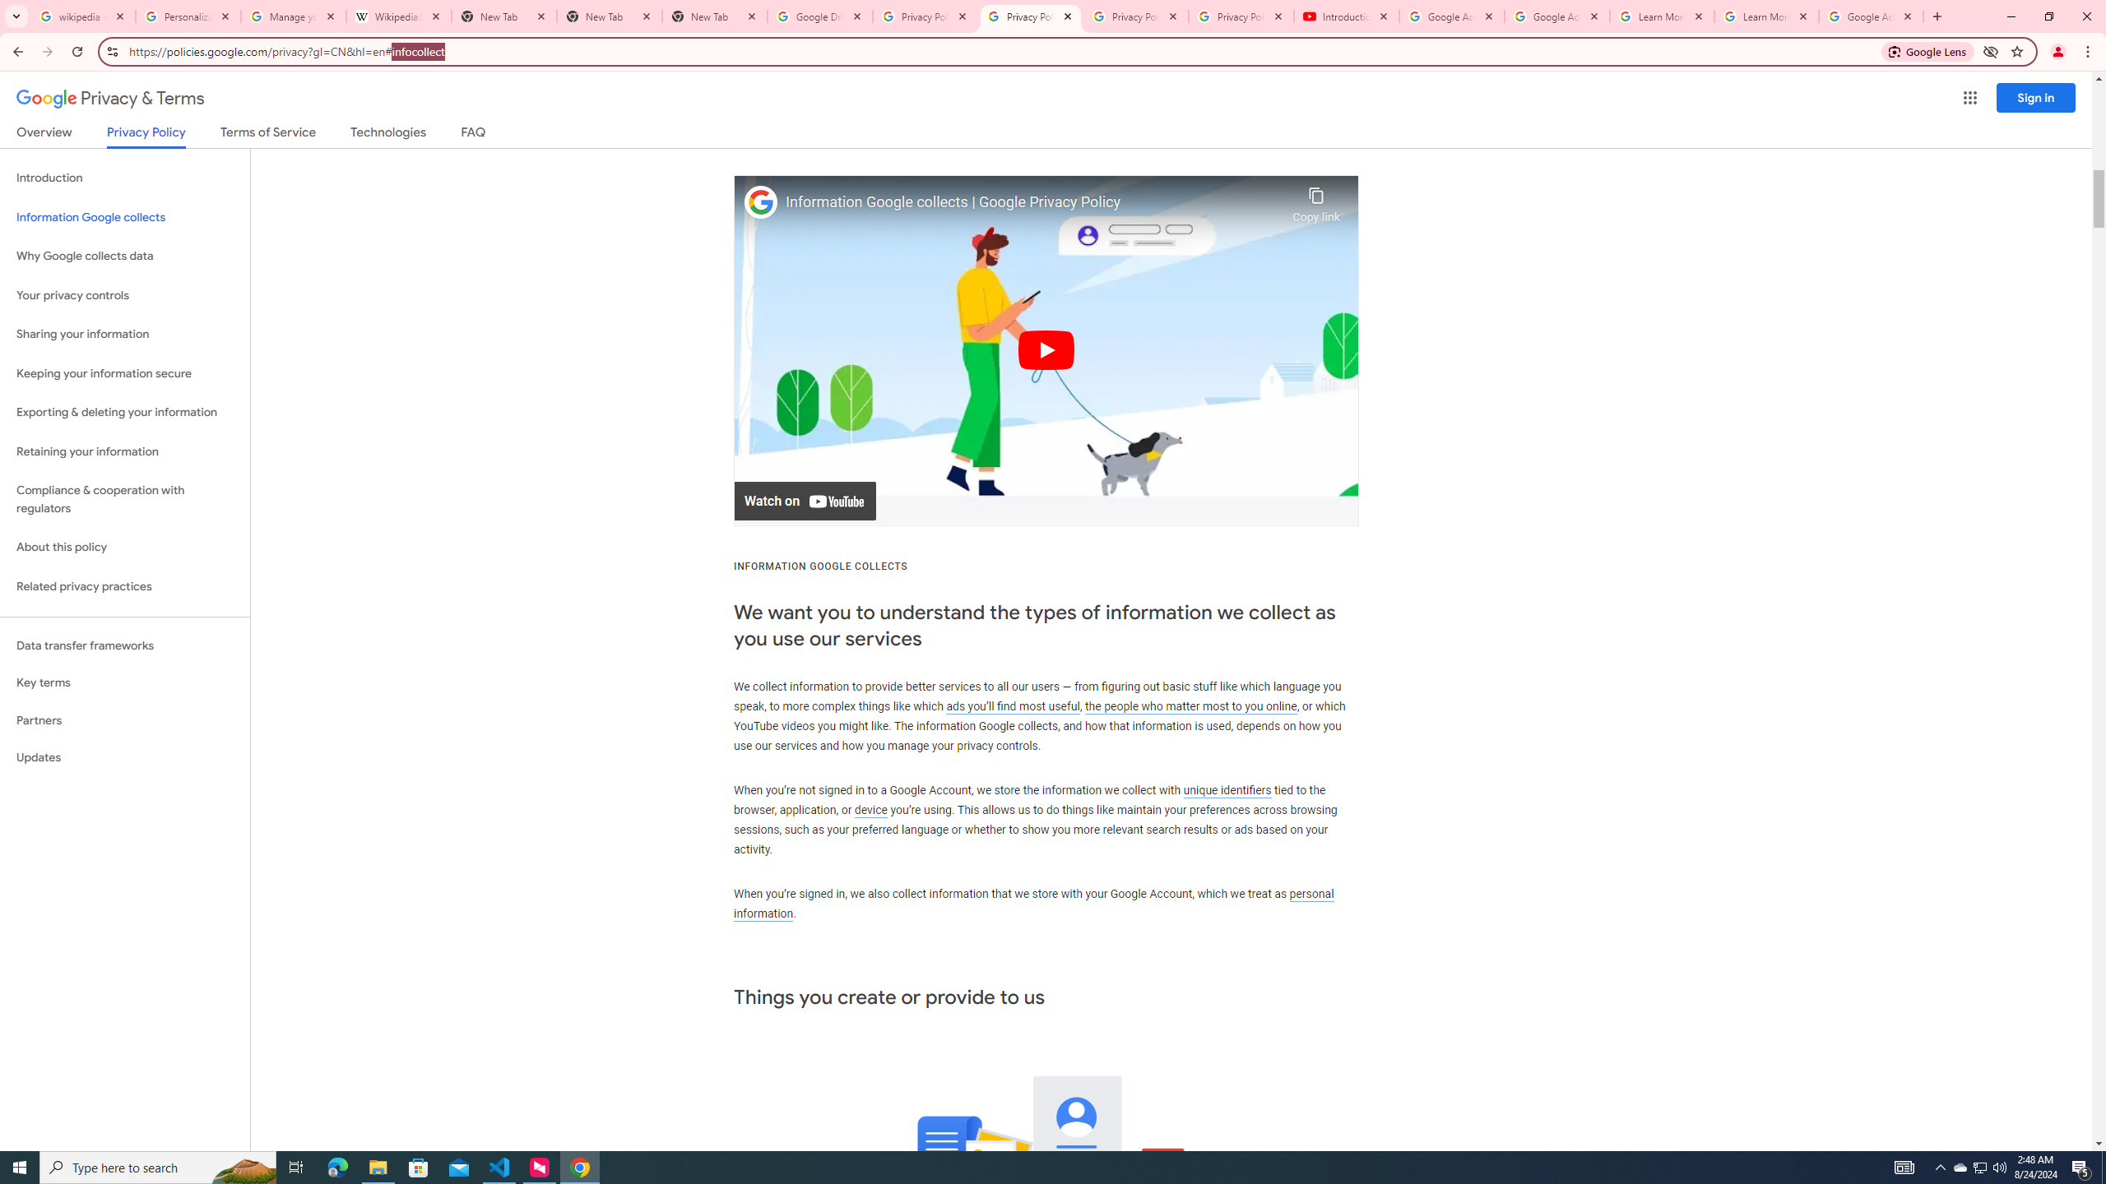 The width and height of the screenshot is (2106, 1184). What do you see at coordinates (188, 16) in the screenshot?
I see `'Personalization & Google Search results - Google Search Help'` at bounding box center [188, 16].